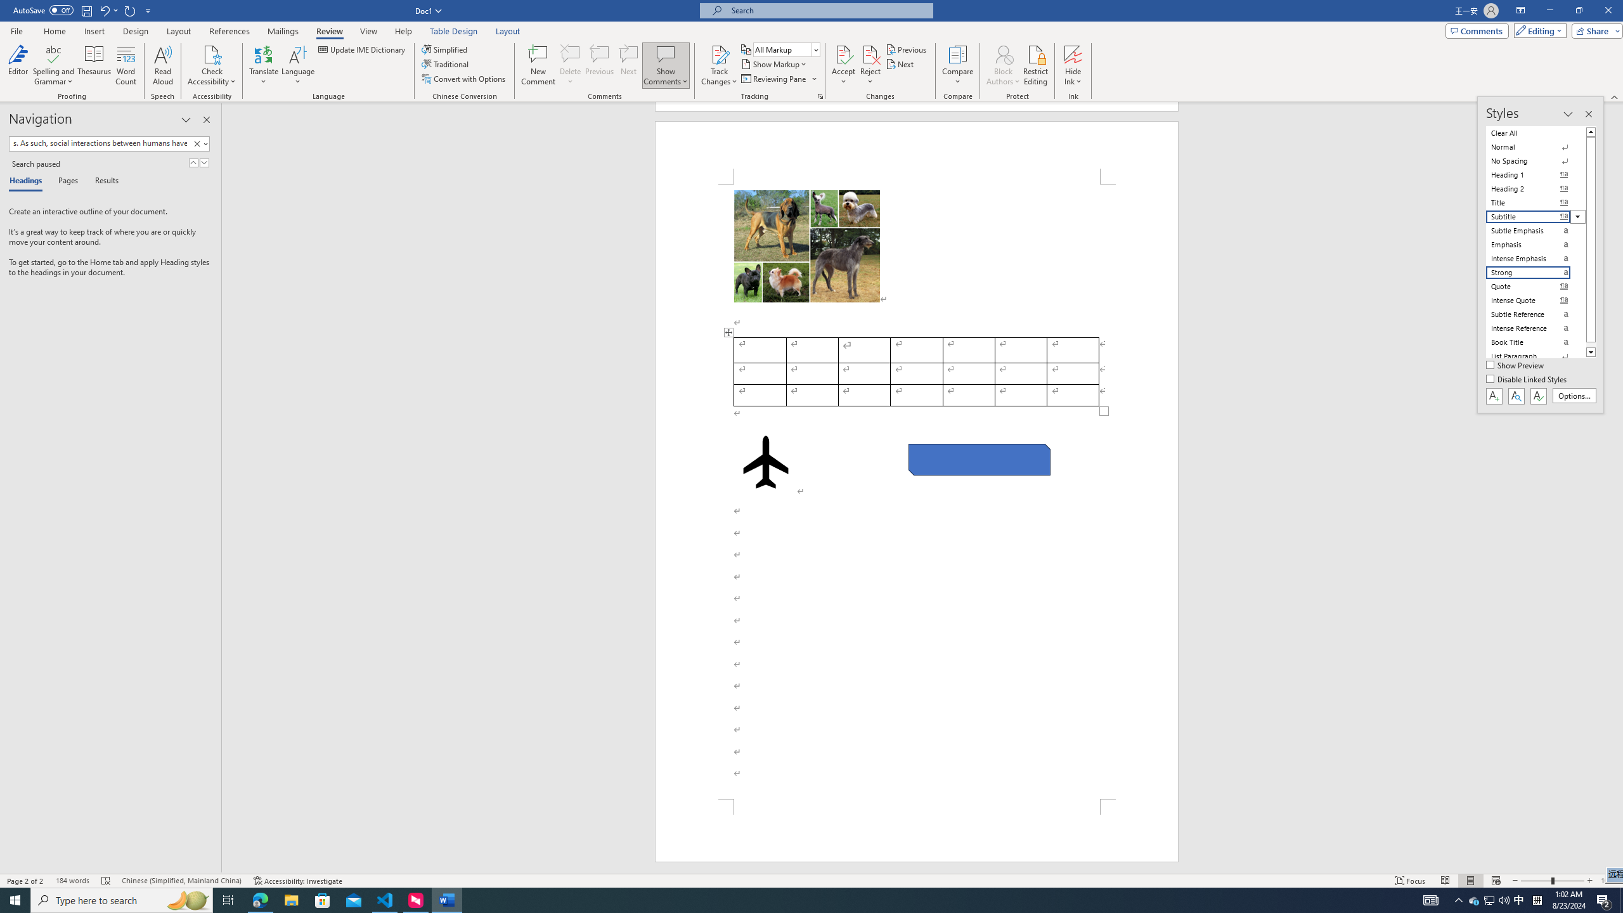  I want to click on 'Hide Ink', so click(1073, 65).